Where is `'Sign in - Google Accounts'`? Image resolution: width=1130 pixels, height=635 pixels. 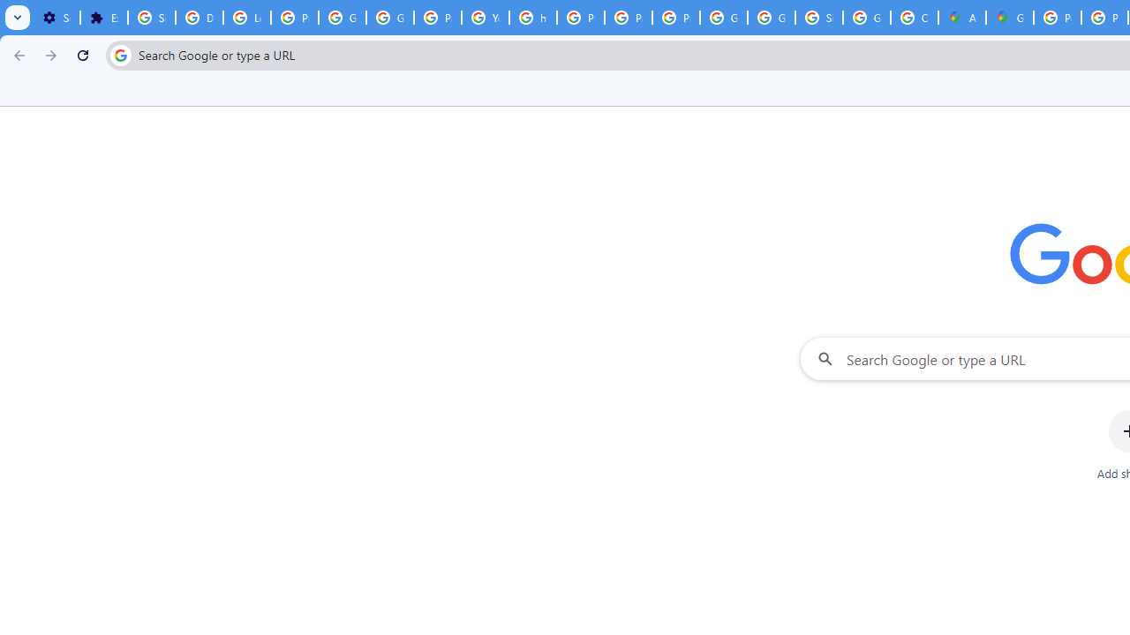
'Sign in - Google Accounts' is located at coordinates (818, 18).